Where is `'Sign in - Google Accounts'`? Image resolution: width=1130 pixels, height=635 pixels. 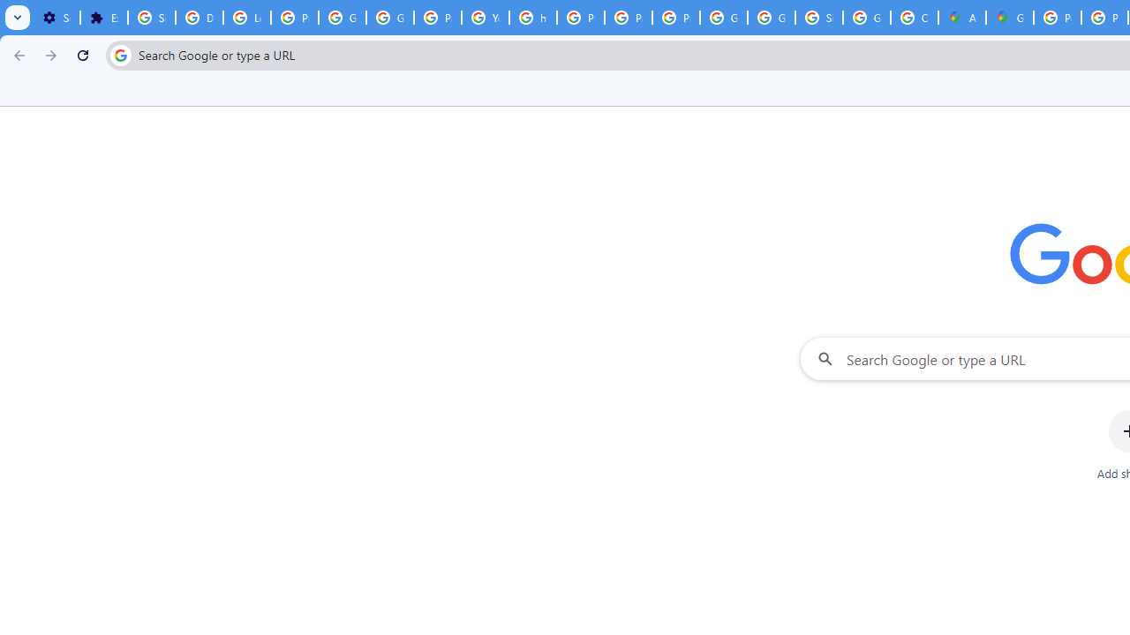
'Sign in - Google Accounts' is located at coordinates (818, 18).